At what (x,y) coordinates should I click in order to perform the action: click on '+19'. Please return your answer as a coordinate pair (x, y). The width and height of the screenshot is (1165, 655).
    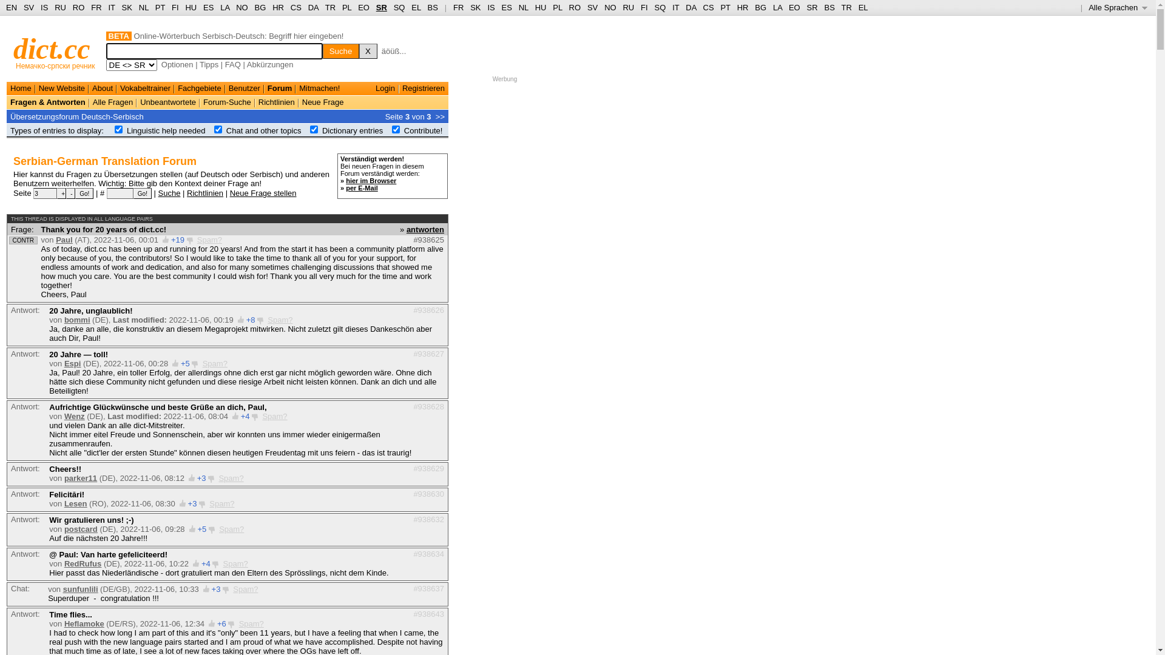
    Looking at the image, I should click on (177, 240).